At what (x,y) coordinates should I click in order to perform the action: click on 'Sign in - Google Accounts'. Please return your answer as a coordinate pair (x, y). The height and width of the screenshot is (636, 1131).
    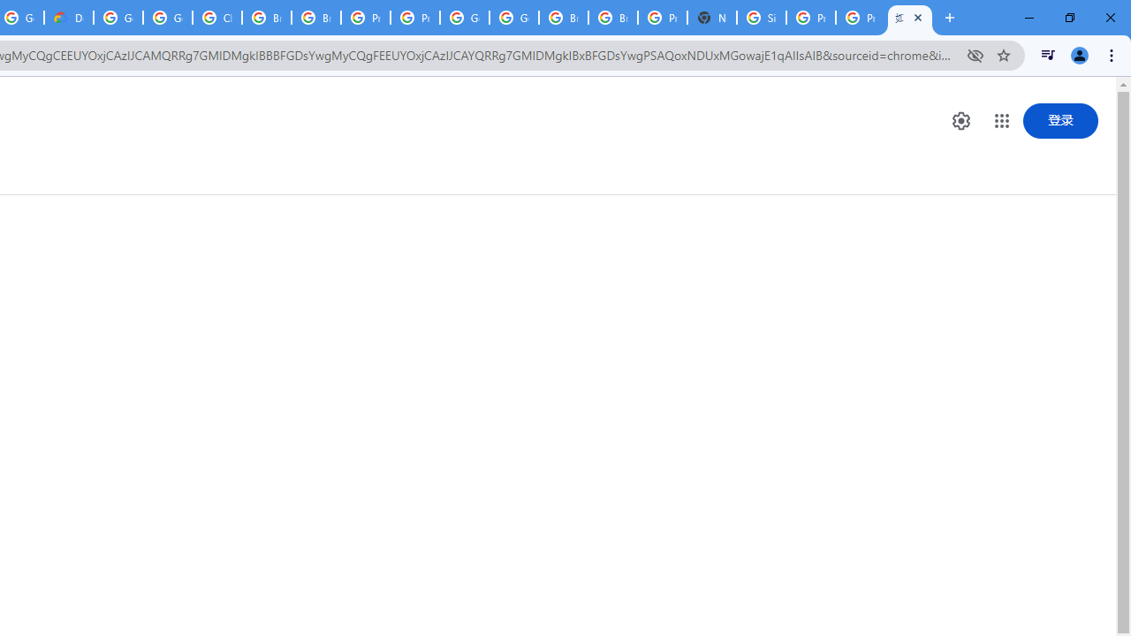
    Looking at the image, I should click on (762, 18).